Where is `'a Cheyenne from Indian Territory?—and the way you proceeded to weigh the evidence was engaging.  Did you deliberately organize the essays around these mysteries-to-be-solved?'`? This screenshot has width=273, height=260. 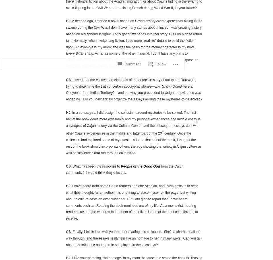 'a Cheyenne from Indian Territory?—and the way you proceeded to weigh the evidence was engaging.  Did you deliberately organize the essays around these mysteries-to-be-solved?' is located at coordinates (66, 92).